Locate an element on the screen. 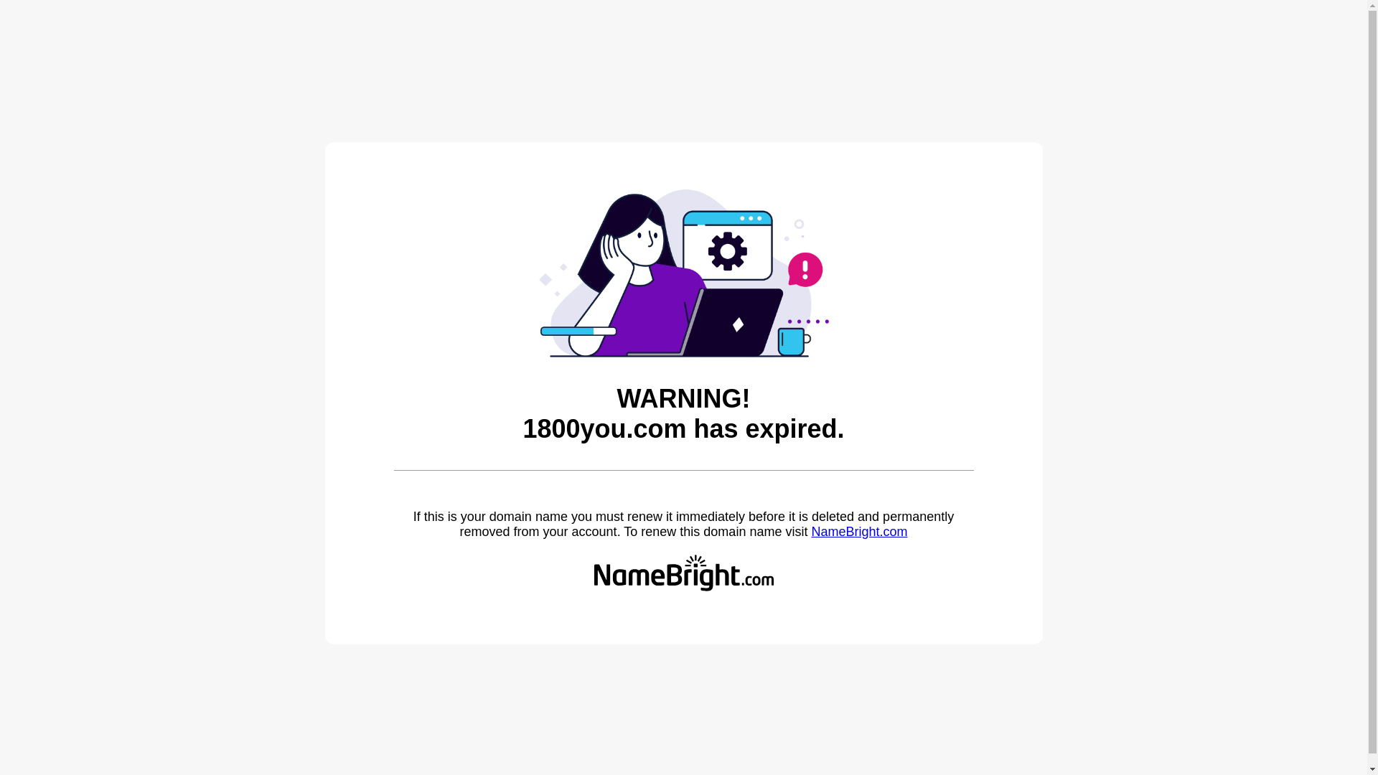 This screenshot has width=1378, height=775. 'NameBright.com' is located at coordinates (810, 531).